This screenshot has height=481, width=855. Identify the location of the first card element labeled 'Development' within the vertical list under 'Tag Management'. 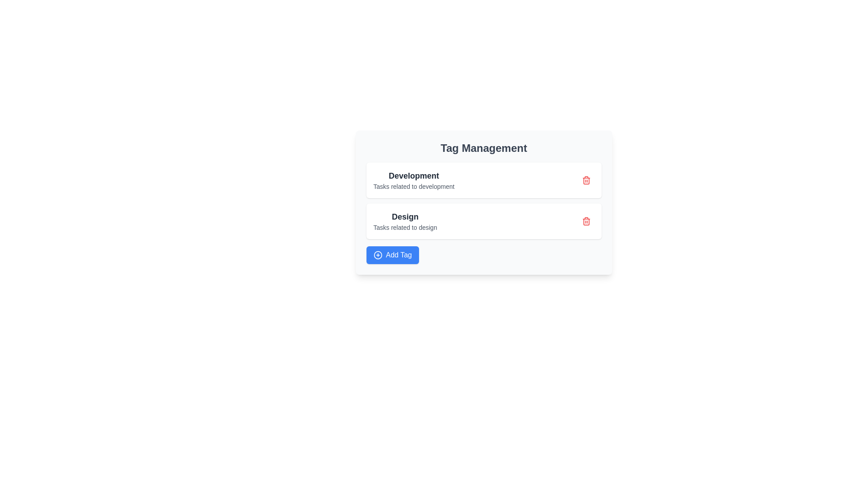
(413, 180).